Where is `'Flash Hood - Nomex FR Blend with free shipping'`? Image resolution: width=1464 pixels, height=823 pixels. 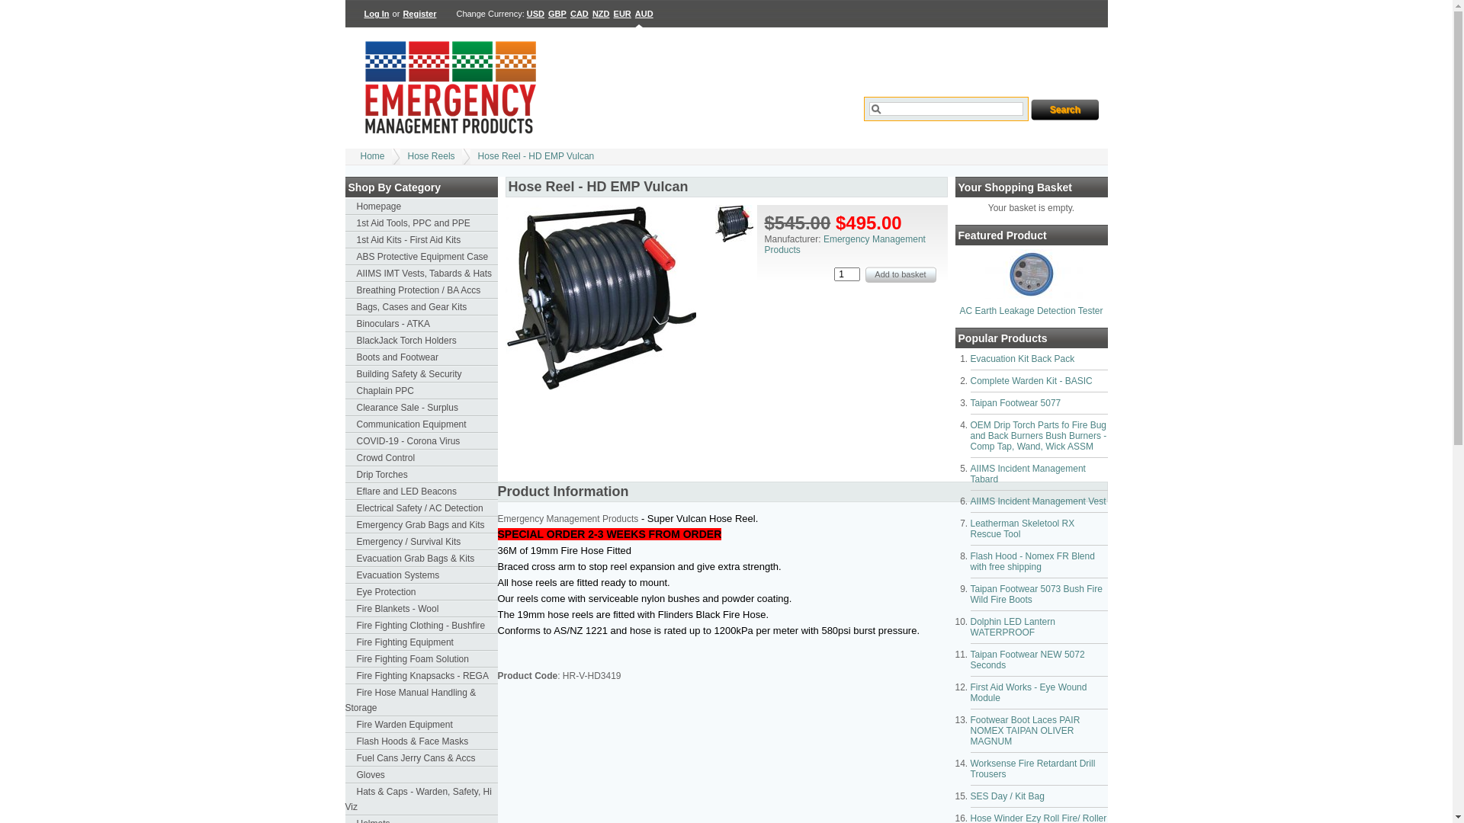 'Flash Hood - Nomex FR Blend with free shipping' is located at coordinates (1032, 561).